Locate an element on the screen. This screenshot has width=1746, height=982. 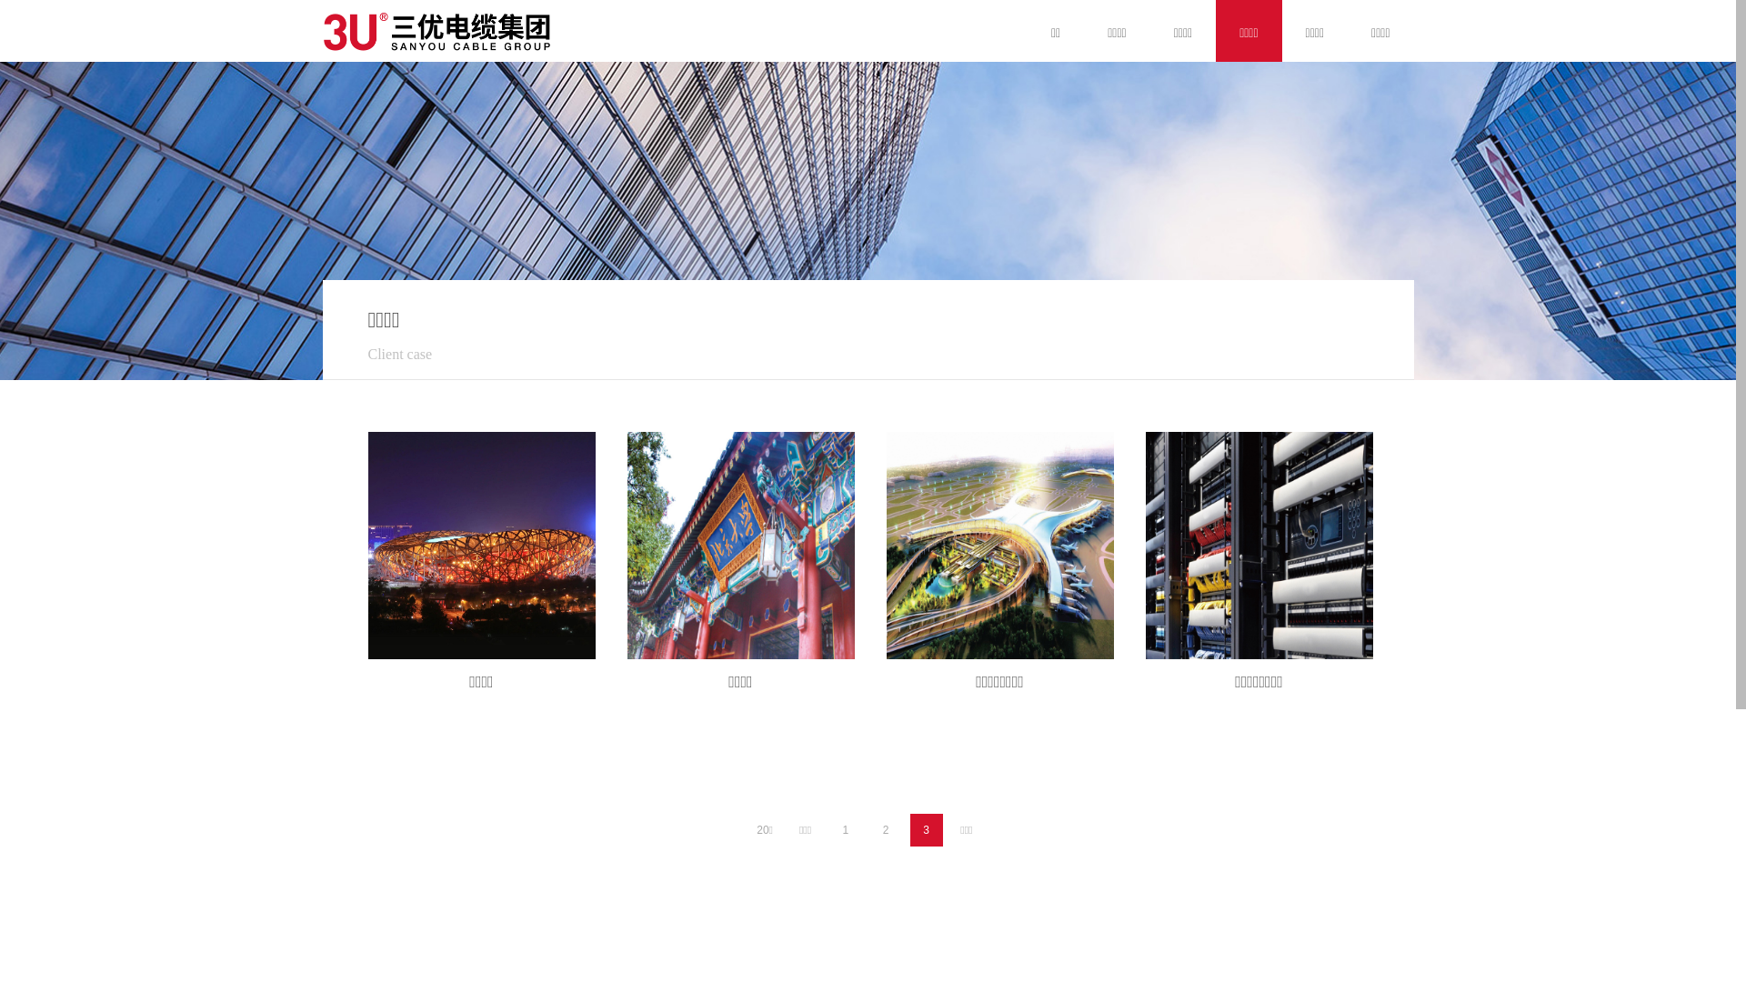
'2' is located at coordinates (886, 830).